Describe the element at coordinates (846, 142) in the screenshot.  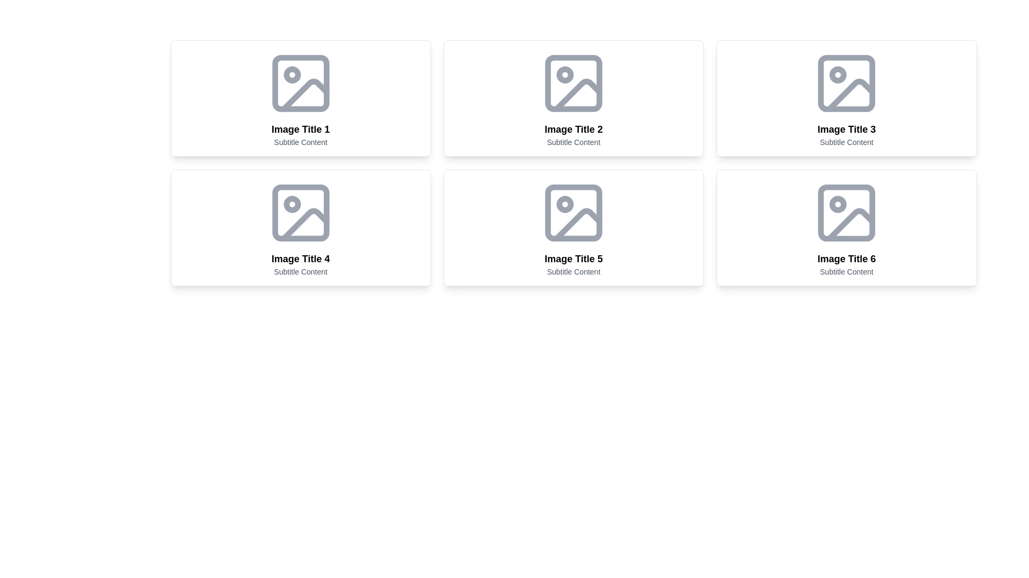
I see `text content of the subtitle located below the main title 'Image Title 3' within the third card of the grid layout` at that location.